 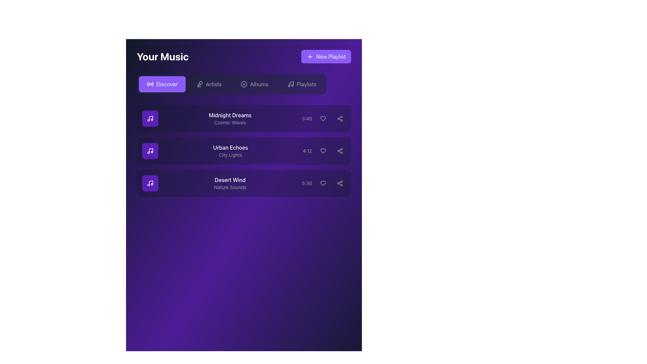 What do you see at coordinates (162, 84) in the screenshot?
I see `the 'Discover' button, which is the first button in the horizontal group under the 'Your Music' header` at bounding box center [162, 84].